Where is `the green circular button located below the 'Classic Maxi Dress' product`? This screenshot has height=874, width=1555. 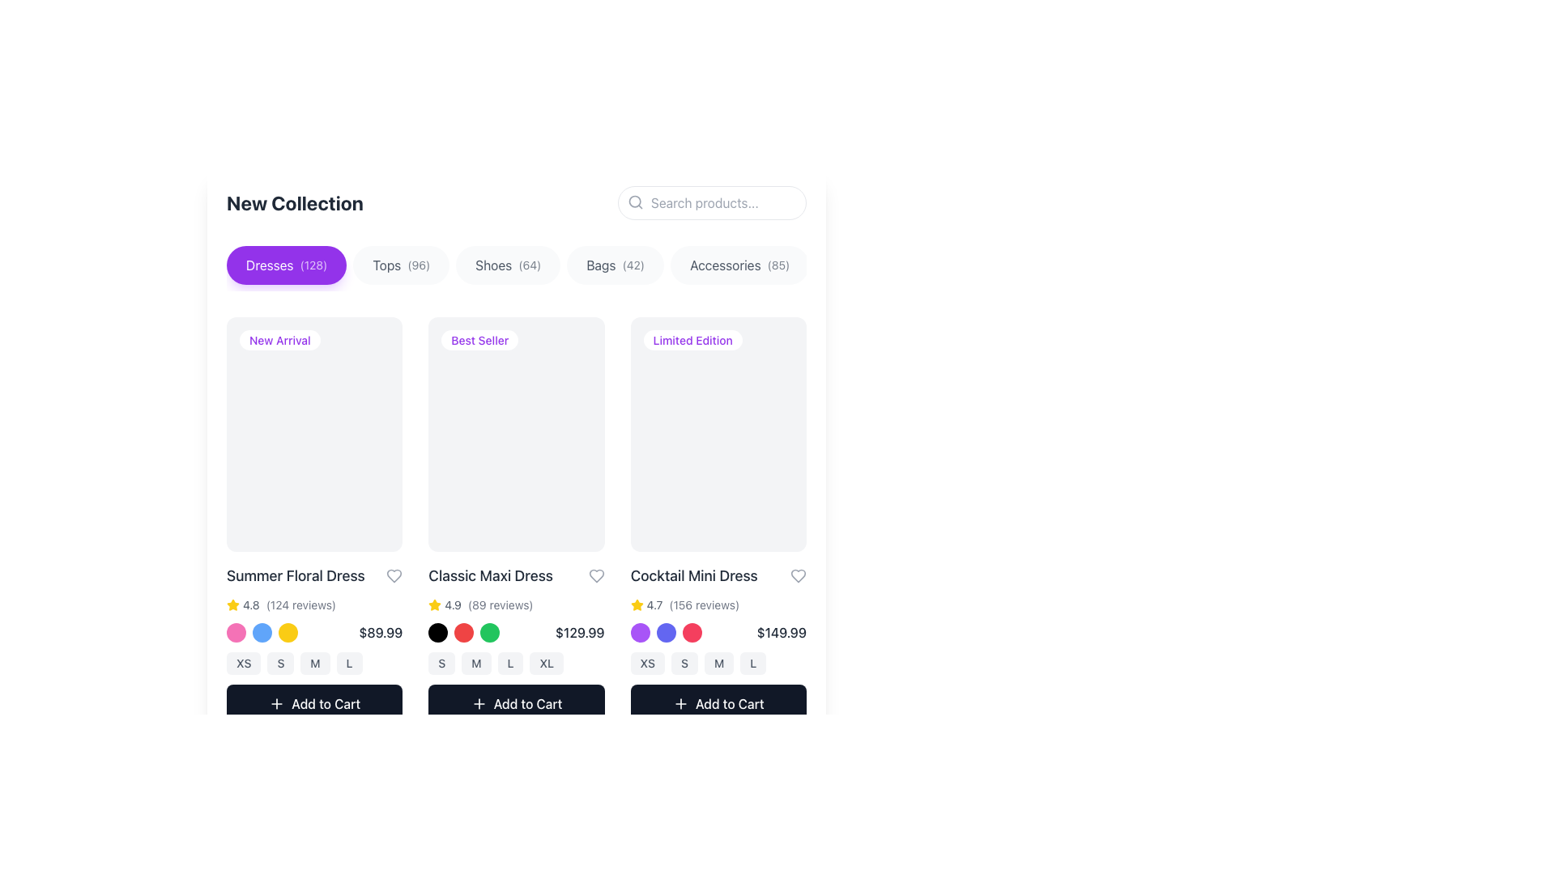 the green circular button located below the 'Classic Maxi Dress' product is located at coordinates (489, 631).